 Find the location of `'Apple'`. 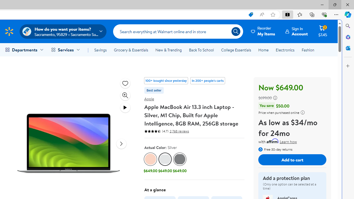

'Apple' is located at coordinates (149, 98).